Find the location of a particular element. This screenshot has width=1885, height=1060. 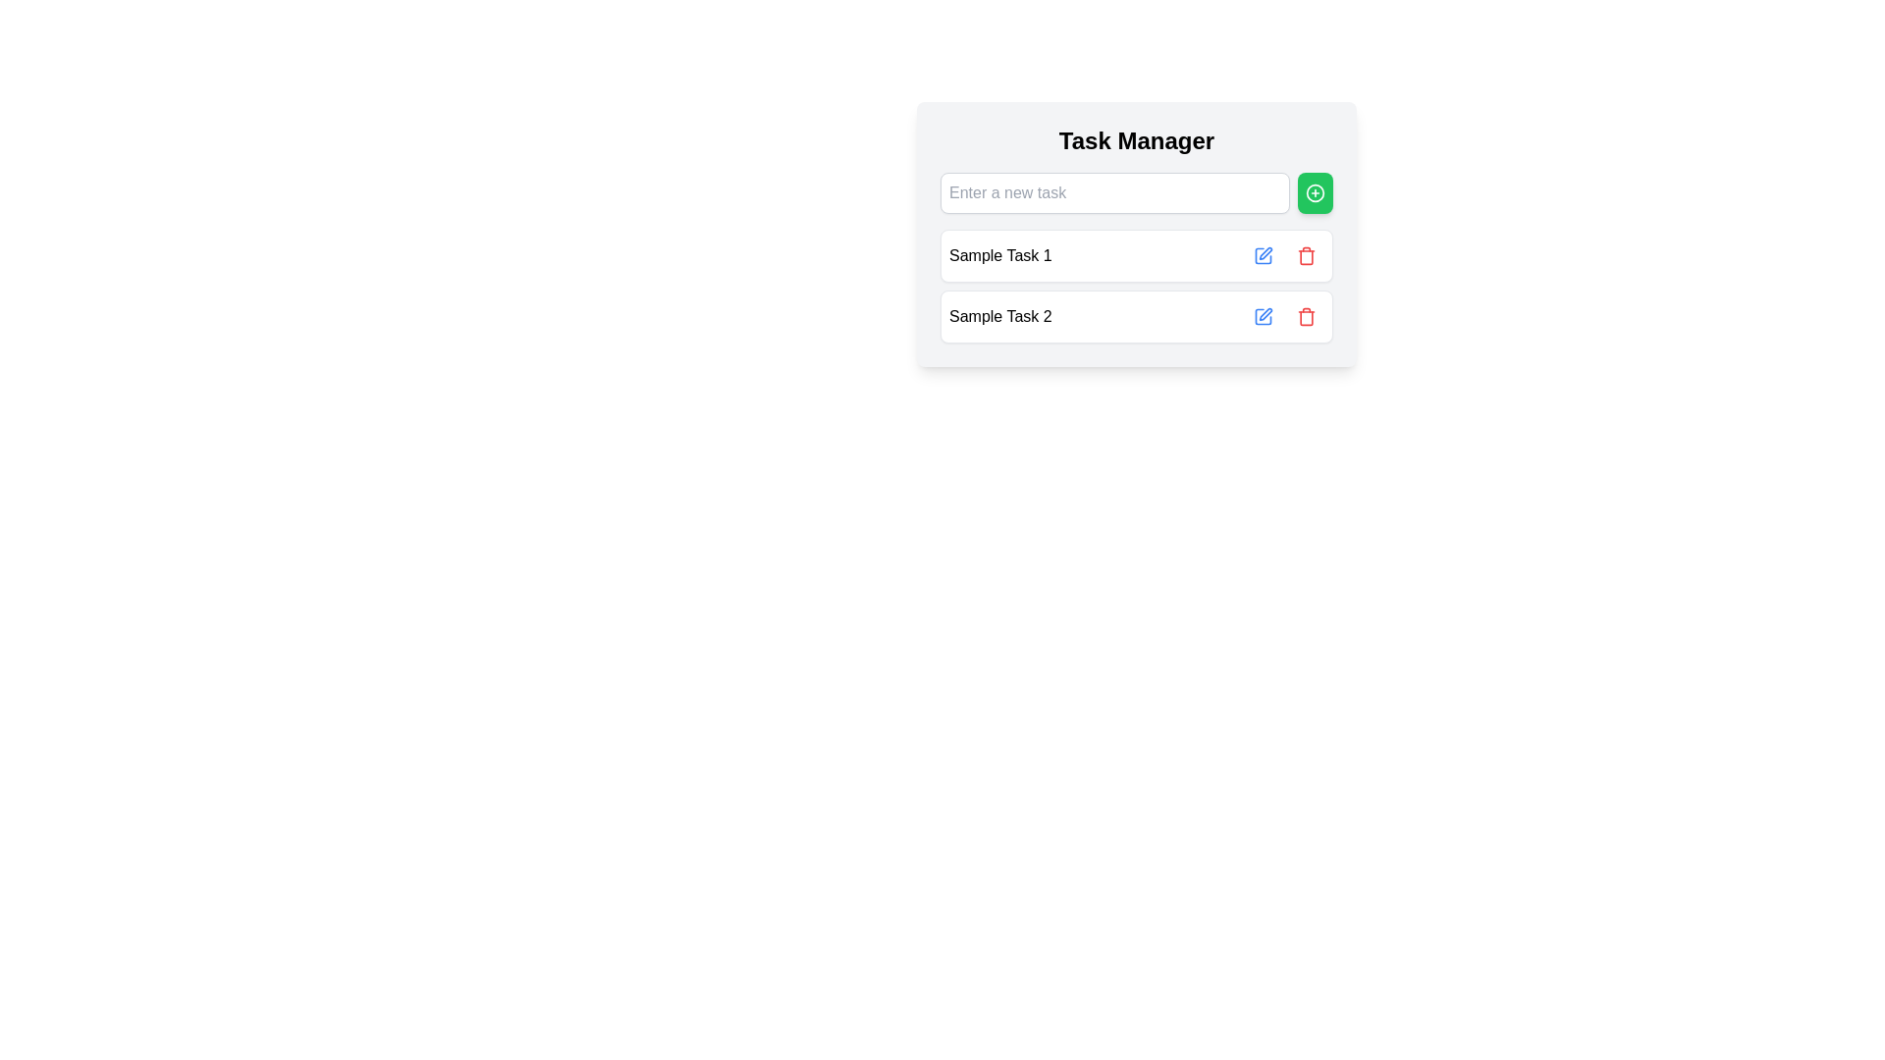

the delete button located to the right of the edit icon in the action panel for 'Sample Task 1' is located at coordinates (1306, 255).